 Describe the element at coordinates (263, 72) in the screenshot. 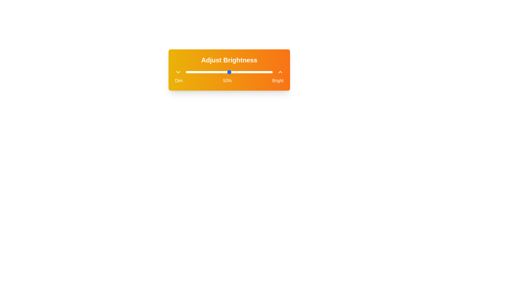

I see `brightness` at that location.